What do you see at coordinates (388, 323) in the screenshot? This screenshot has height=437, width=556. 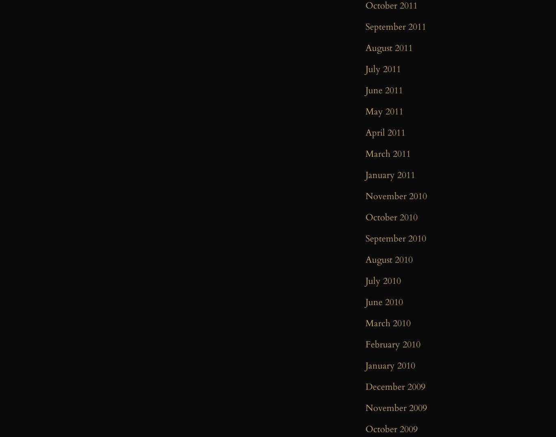 I see `'March 2010'` at bounding box center [388, 323].